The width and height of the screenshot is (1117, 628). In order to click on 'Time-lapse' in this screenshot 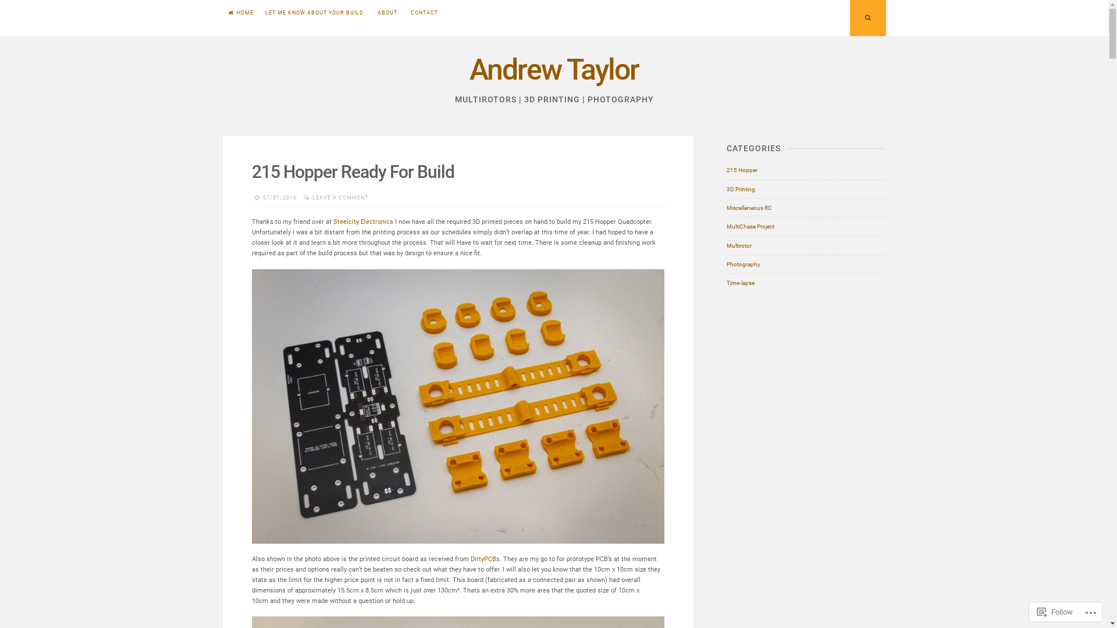, I will do `click(739, 283)`.